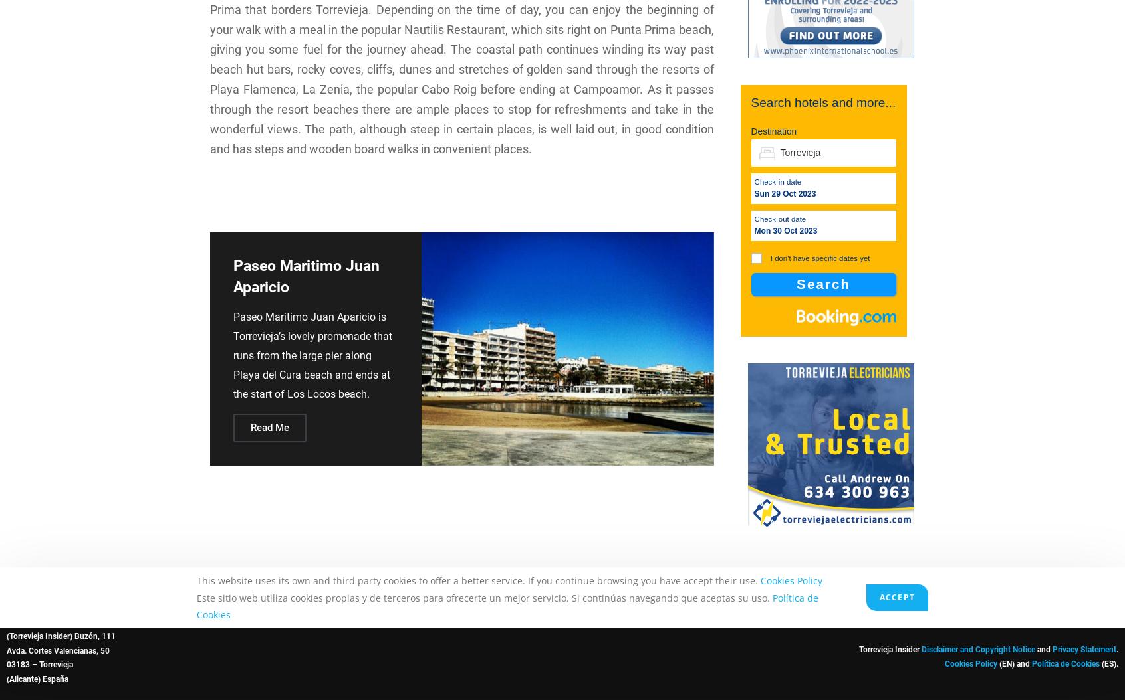 The height and width of the screenshot is (700, 1125). What do you see at coordinates (1084, 650) in the screenshot?
I see `'Privacy Statement'` at bounding box center [1084, 650].